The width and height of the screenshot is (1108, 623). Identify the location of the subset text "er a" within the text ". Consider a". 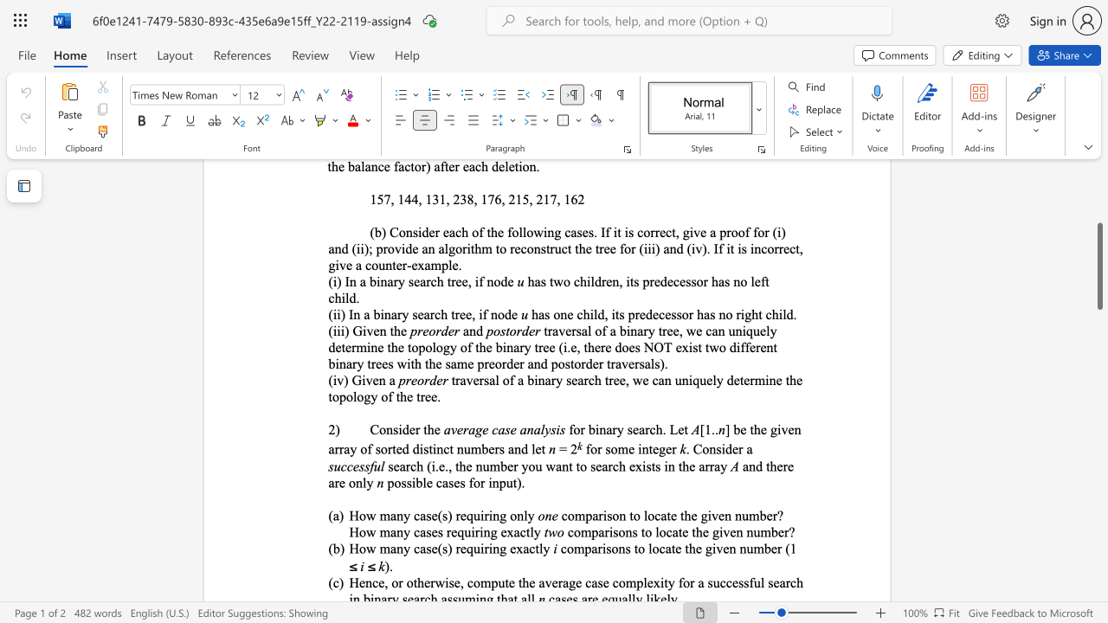
(732, 448).